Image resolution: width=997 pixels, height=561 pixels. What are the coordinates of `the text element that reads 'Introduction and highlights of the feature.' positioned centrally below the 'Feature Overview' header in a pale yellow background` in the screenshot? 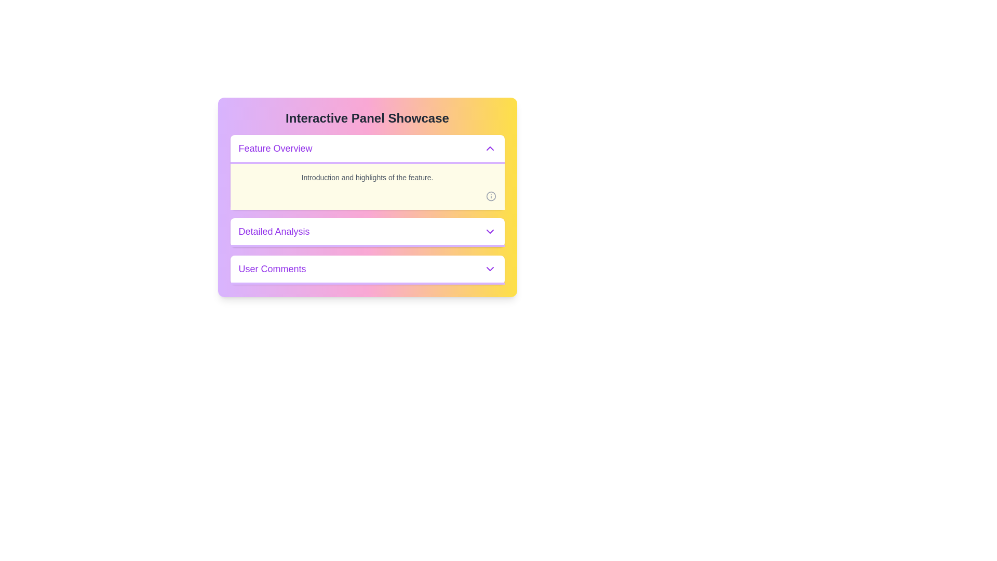 It's located at (367, 177).